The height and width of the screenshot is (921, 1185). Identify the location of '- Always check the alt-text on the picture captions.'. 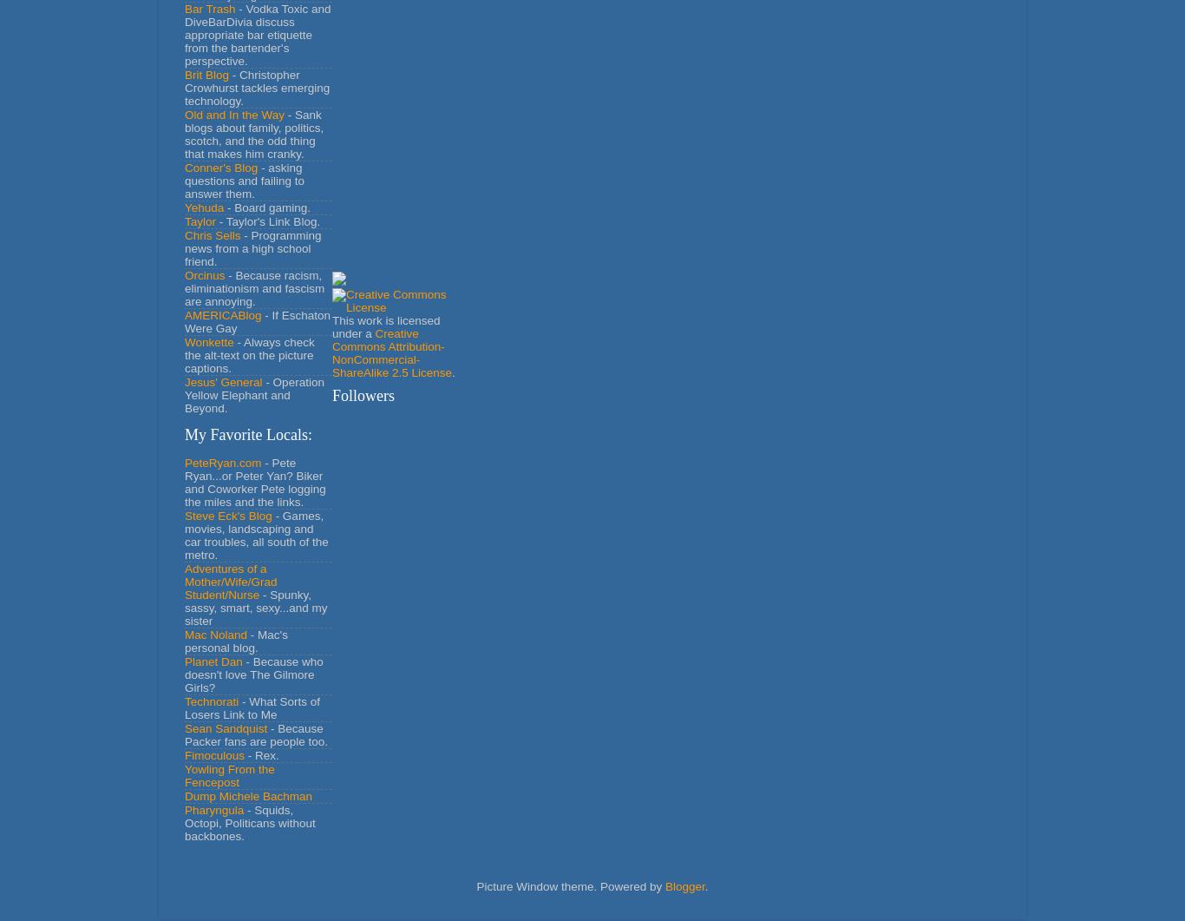
(183, 354).